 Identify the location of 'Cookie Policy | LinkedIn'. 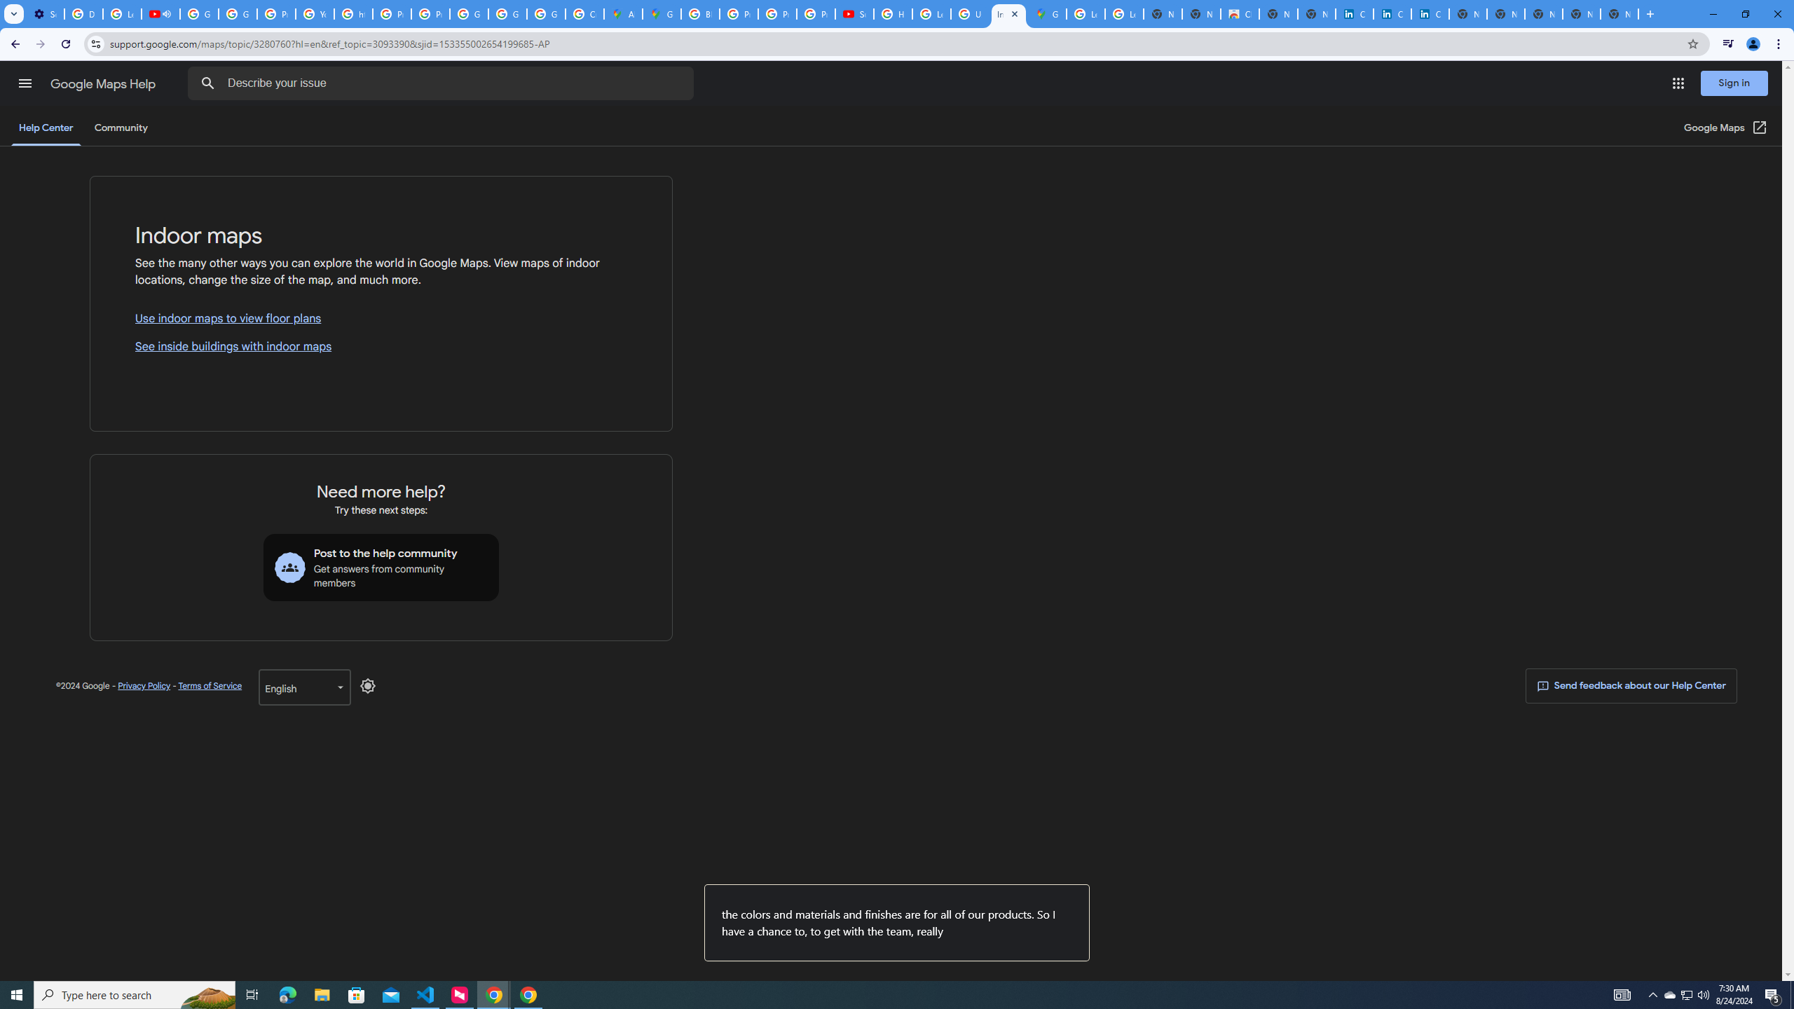
(1391, 13).